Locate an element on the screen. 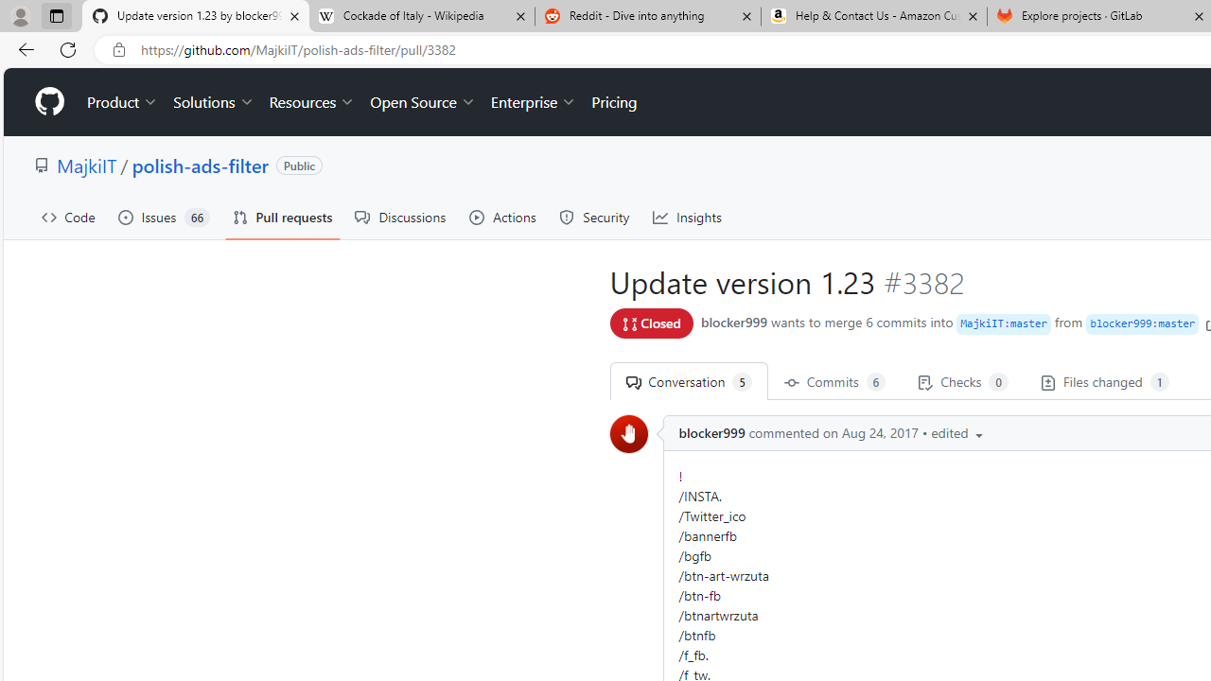 The width and height of the screenshot is (1211, 681). 'Product' is located at coordinates (122, 102).